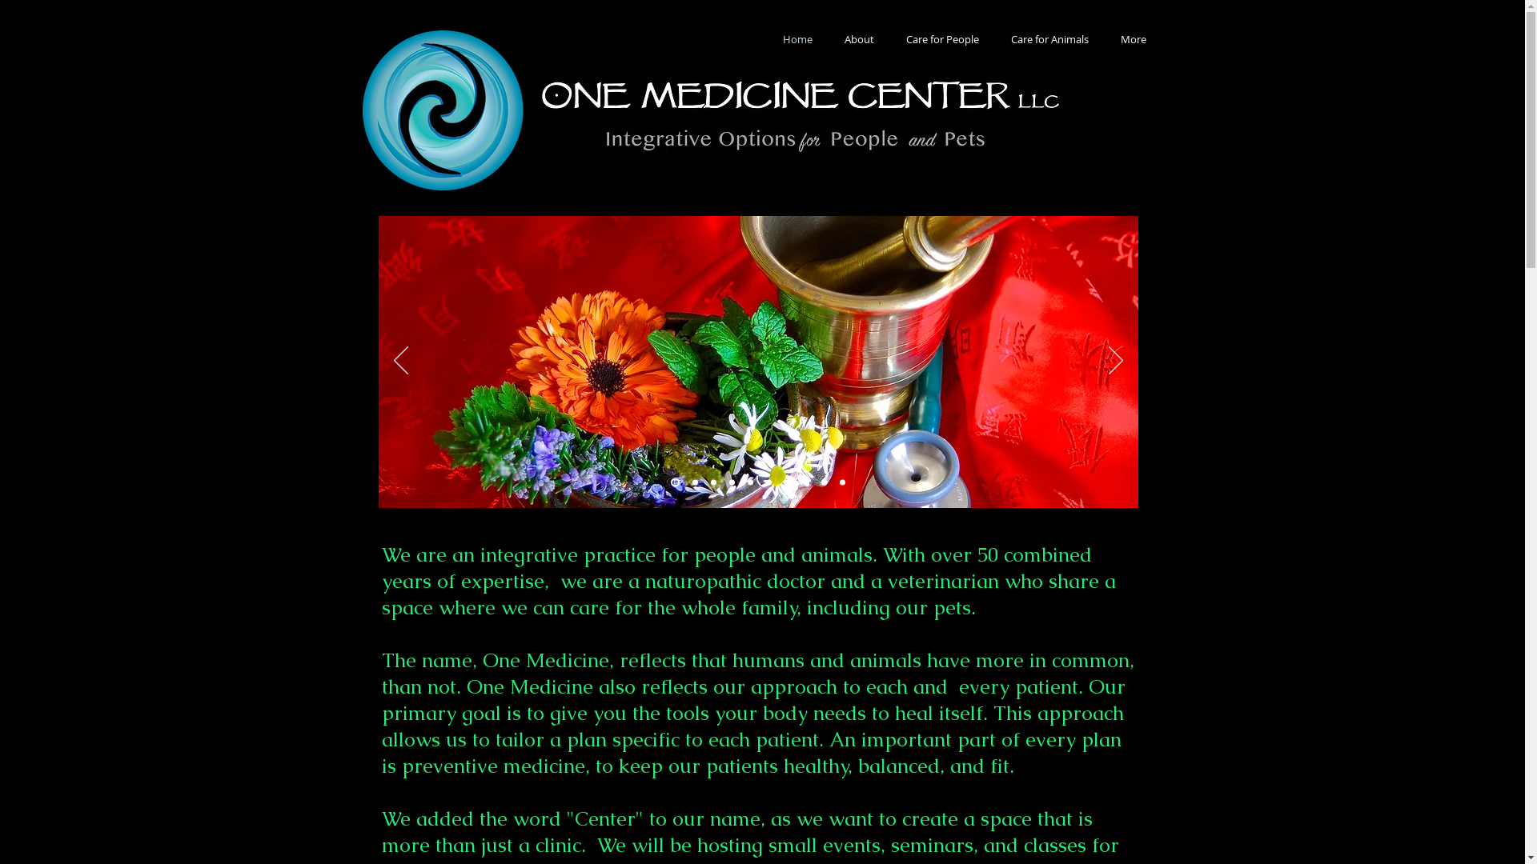 This screenshot has width=1537, height=864. Describe the element at coordinates (797, 38) in the screenshot. I see `'Home'` at that location.